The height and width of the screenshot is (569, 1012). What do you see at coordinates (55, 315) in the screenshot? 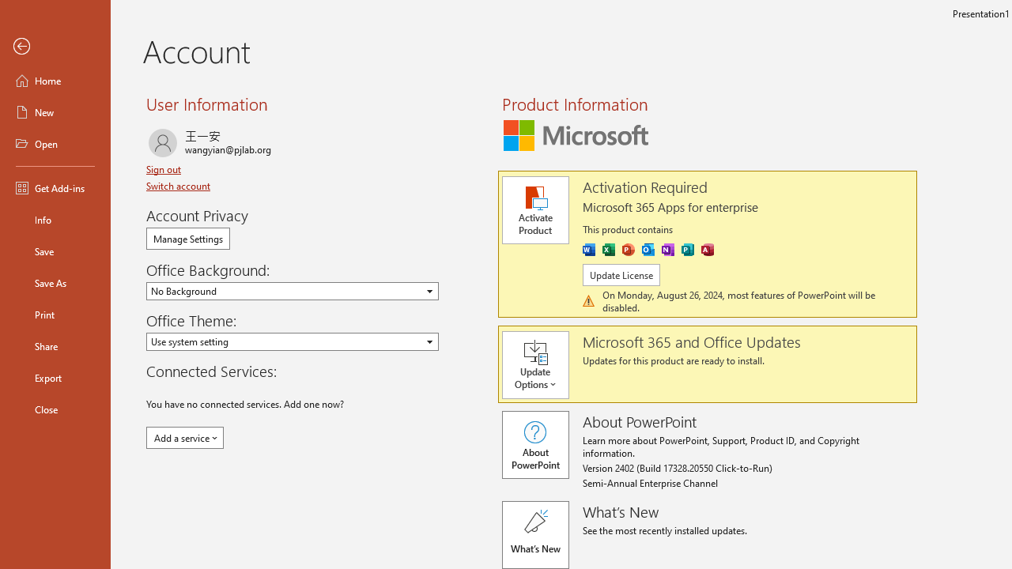
I see `'Print'` at bounding box center [55, 315].